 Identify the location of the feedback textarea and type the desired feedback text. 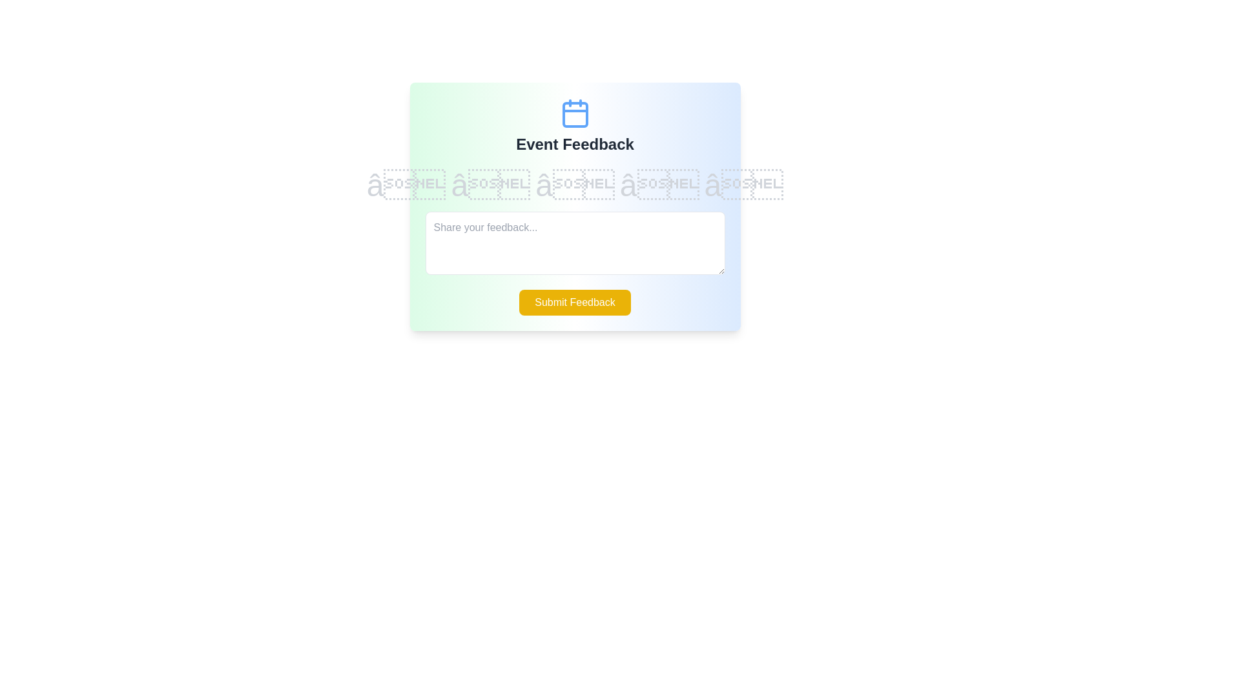
(574, 243).